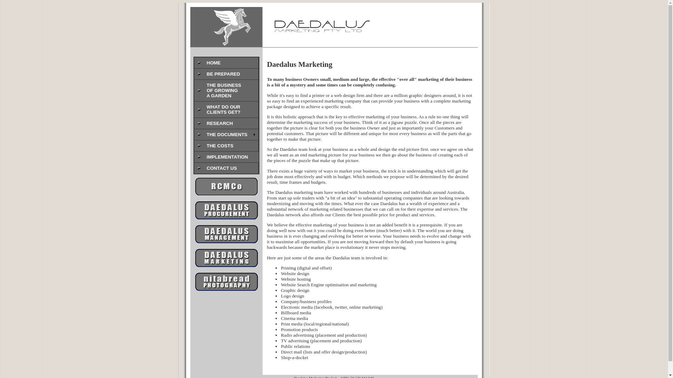  What do you see at coordinates (194, 109) in the screenshot?
I see `'WHAT DO OUR` at bounding box center [194, 109].